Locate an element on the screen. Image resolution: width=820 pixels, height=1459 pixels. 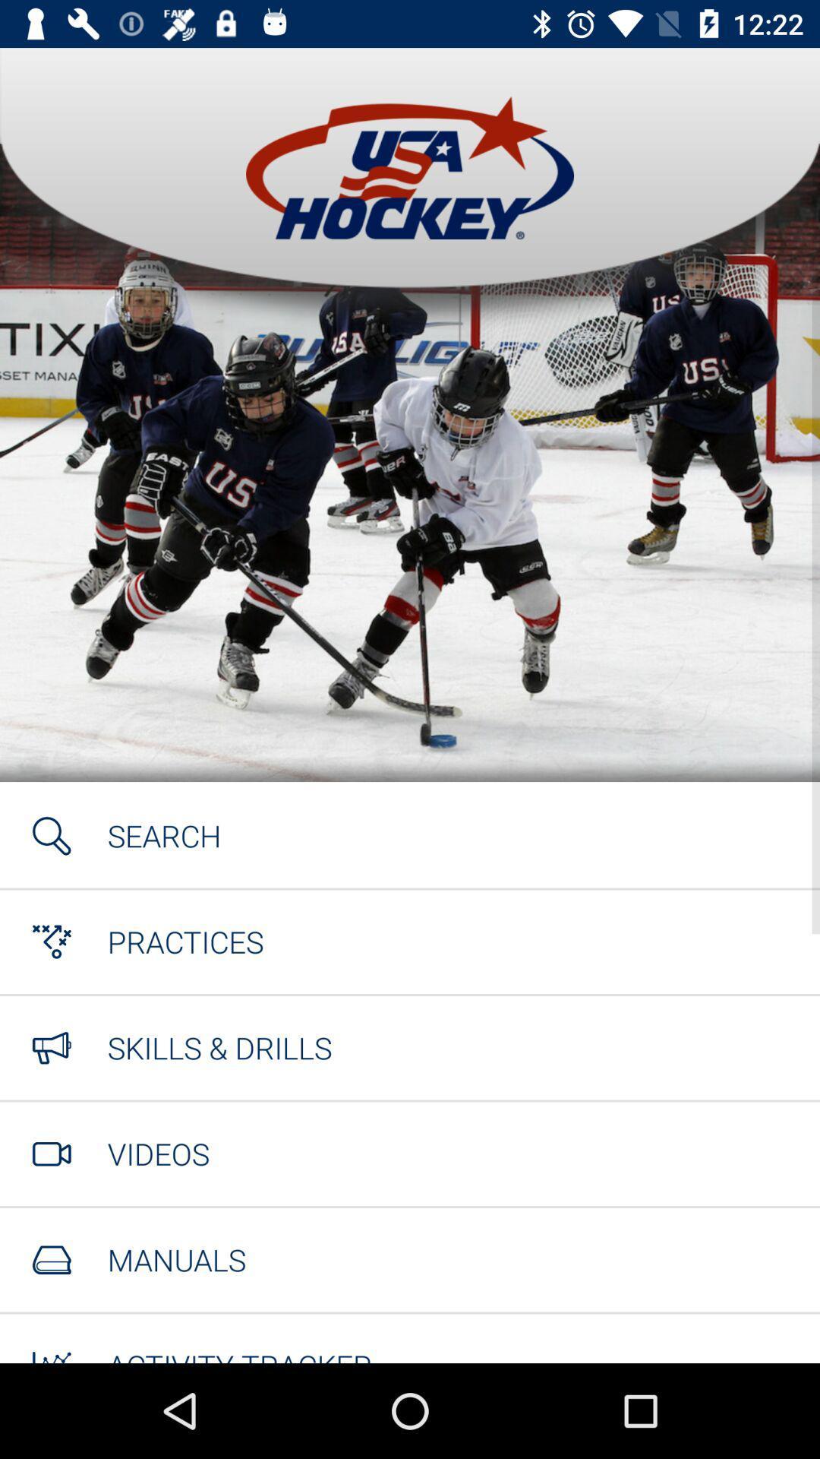
item below skills & drills is located at coordinates (158, 1154).